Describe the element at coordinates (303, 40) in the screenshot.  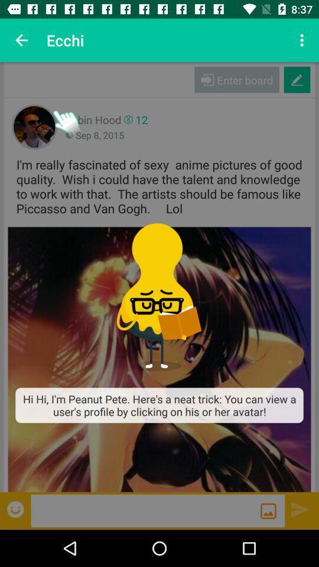
I see `the icon to the right of the ecchi  item` at that location.